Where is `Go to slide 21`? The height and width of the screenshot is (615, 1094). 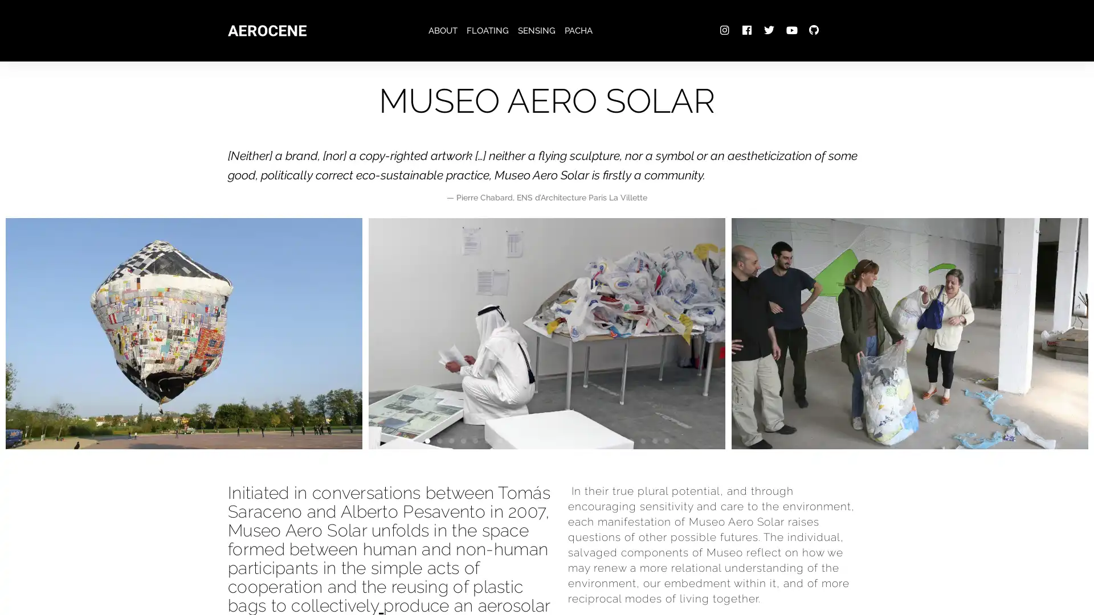 Go to slide 21 is located at coordinates (666, 440).